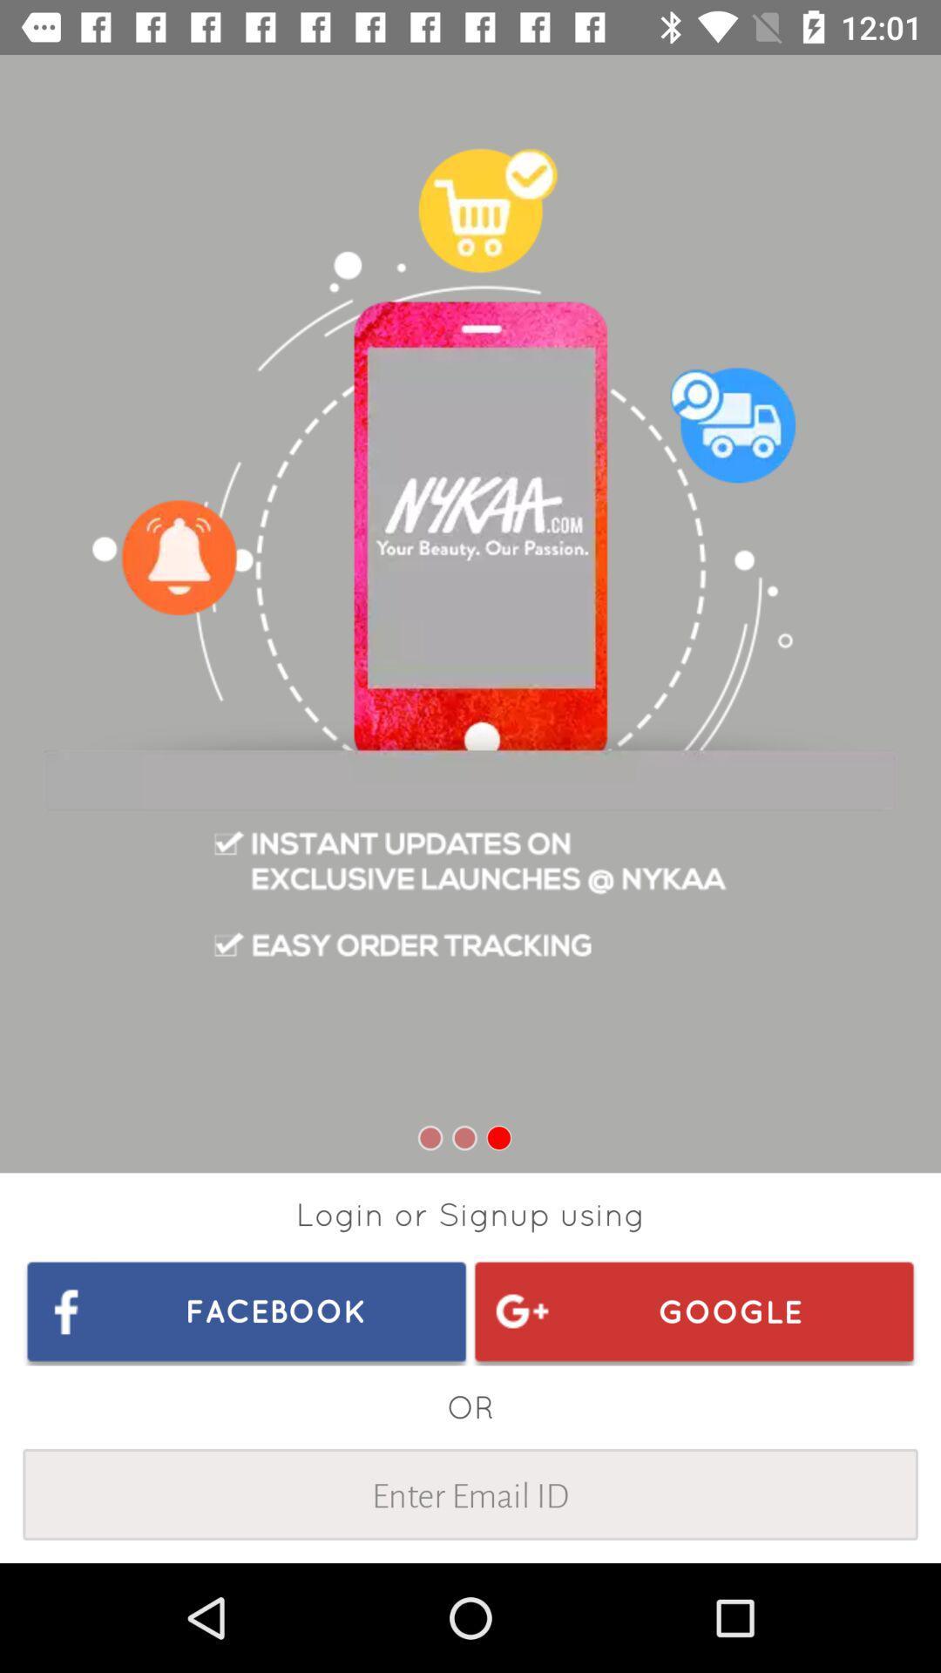 The height and width of the screenshot is (1673, 941). I want to click on the icon at the bottom right corner, so click(693, 1311).